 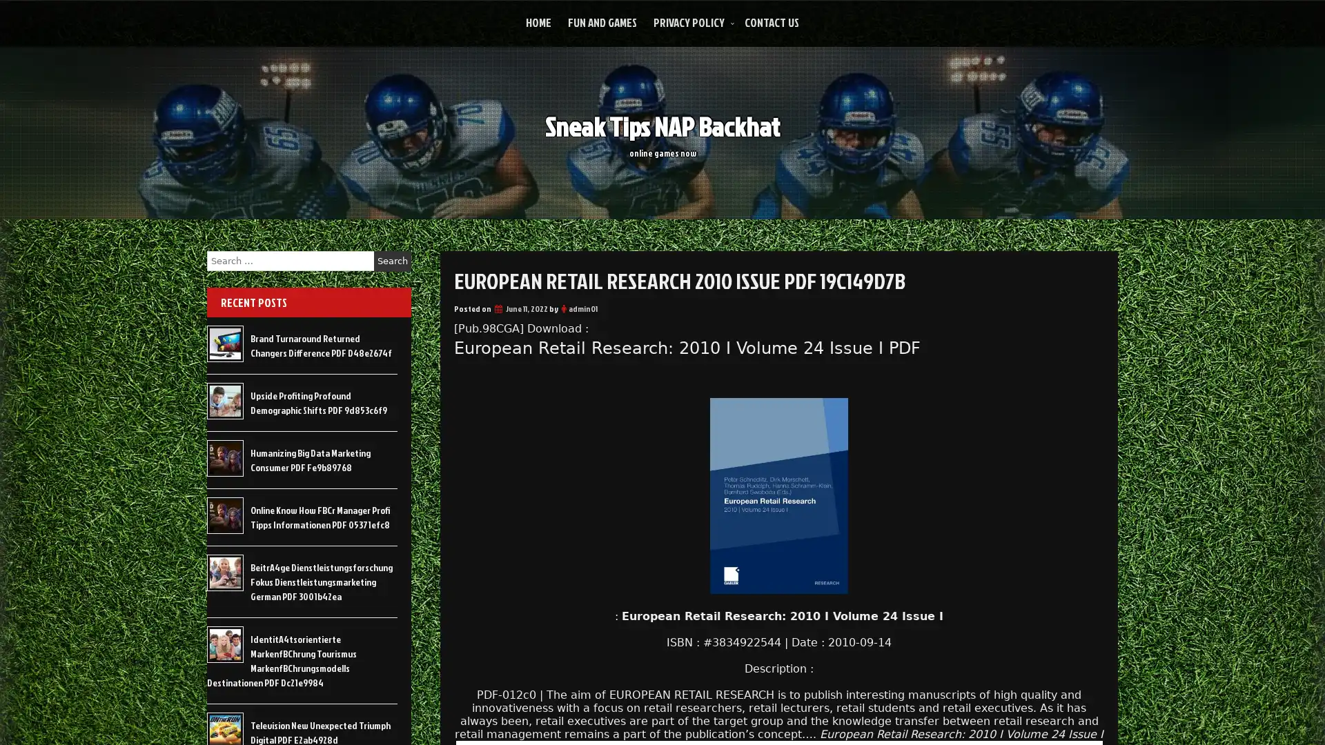 I want to click on Search, so click(x=392, y=261).